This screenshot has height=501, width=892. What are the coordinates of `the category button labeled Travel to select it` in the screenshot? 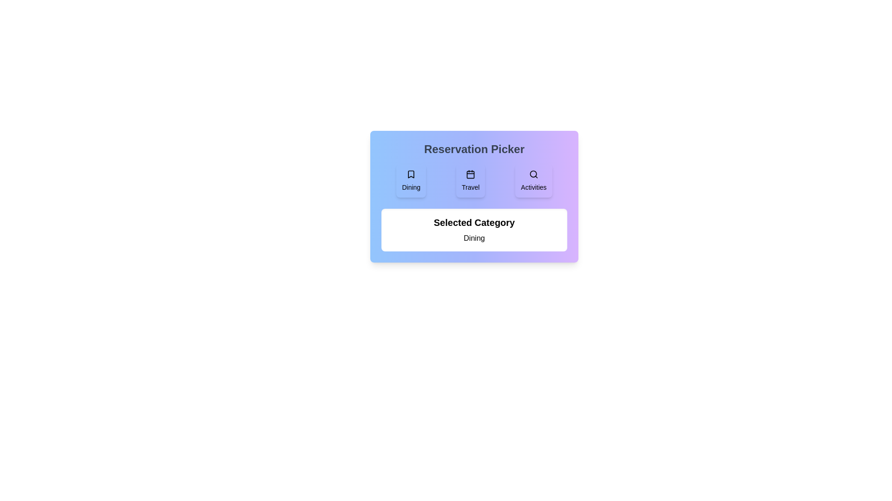 It's located at (470, 180).